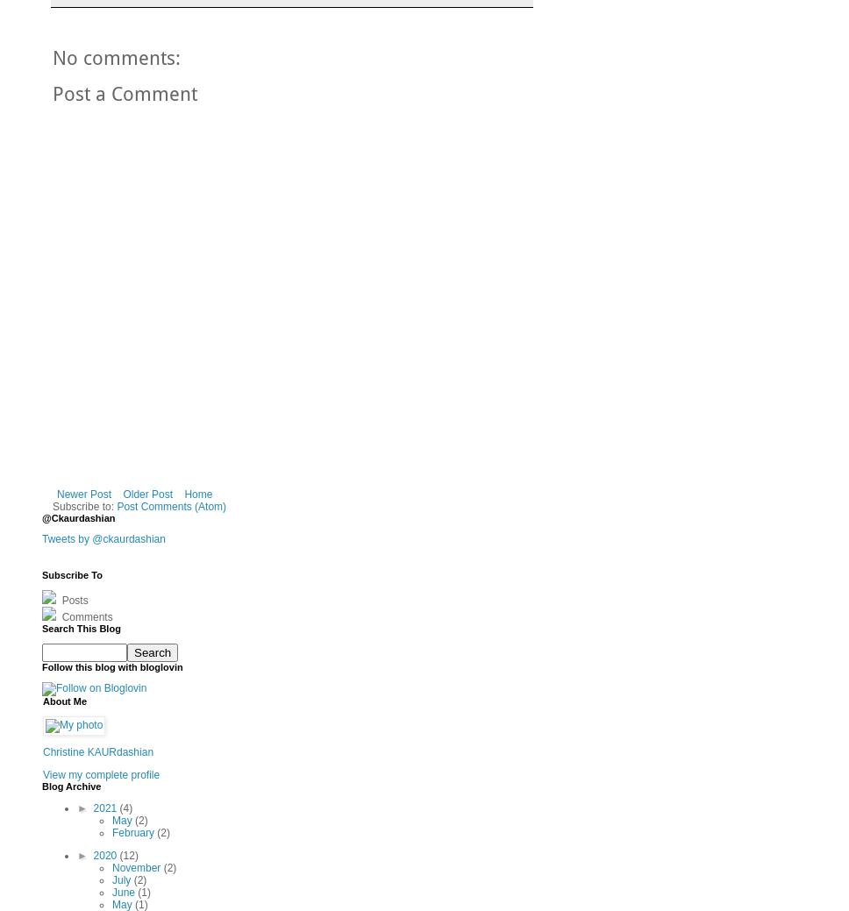 Image resolution: width=849 pixels, height=911 pixels. Describe the element at coordinates (71, 786) in the screenshot. I see `'Blog Archive'` at that location.